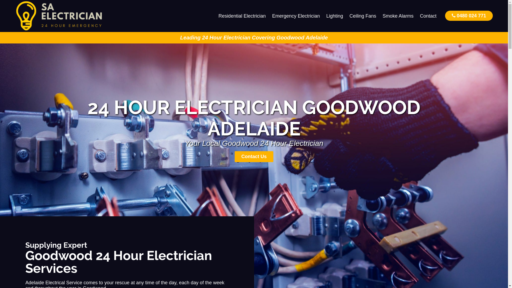 Image resolution: width=512 pixels, height=288 pixels. Describe the element at coordinates (398, 16) in the screenshot. I see `'Smoke Alarms'` at that location.